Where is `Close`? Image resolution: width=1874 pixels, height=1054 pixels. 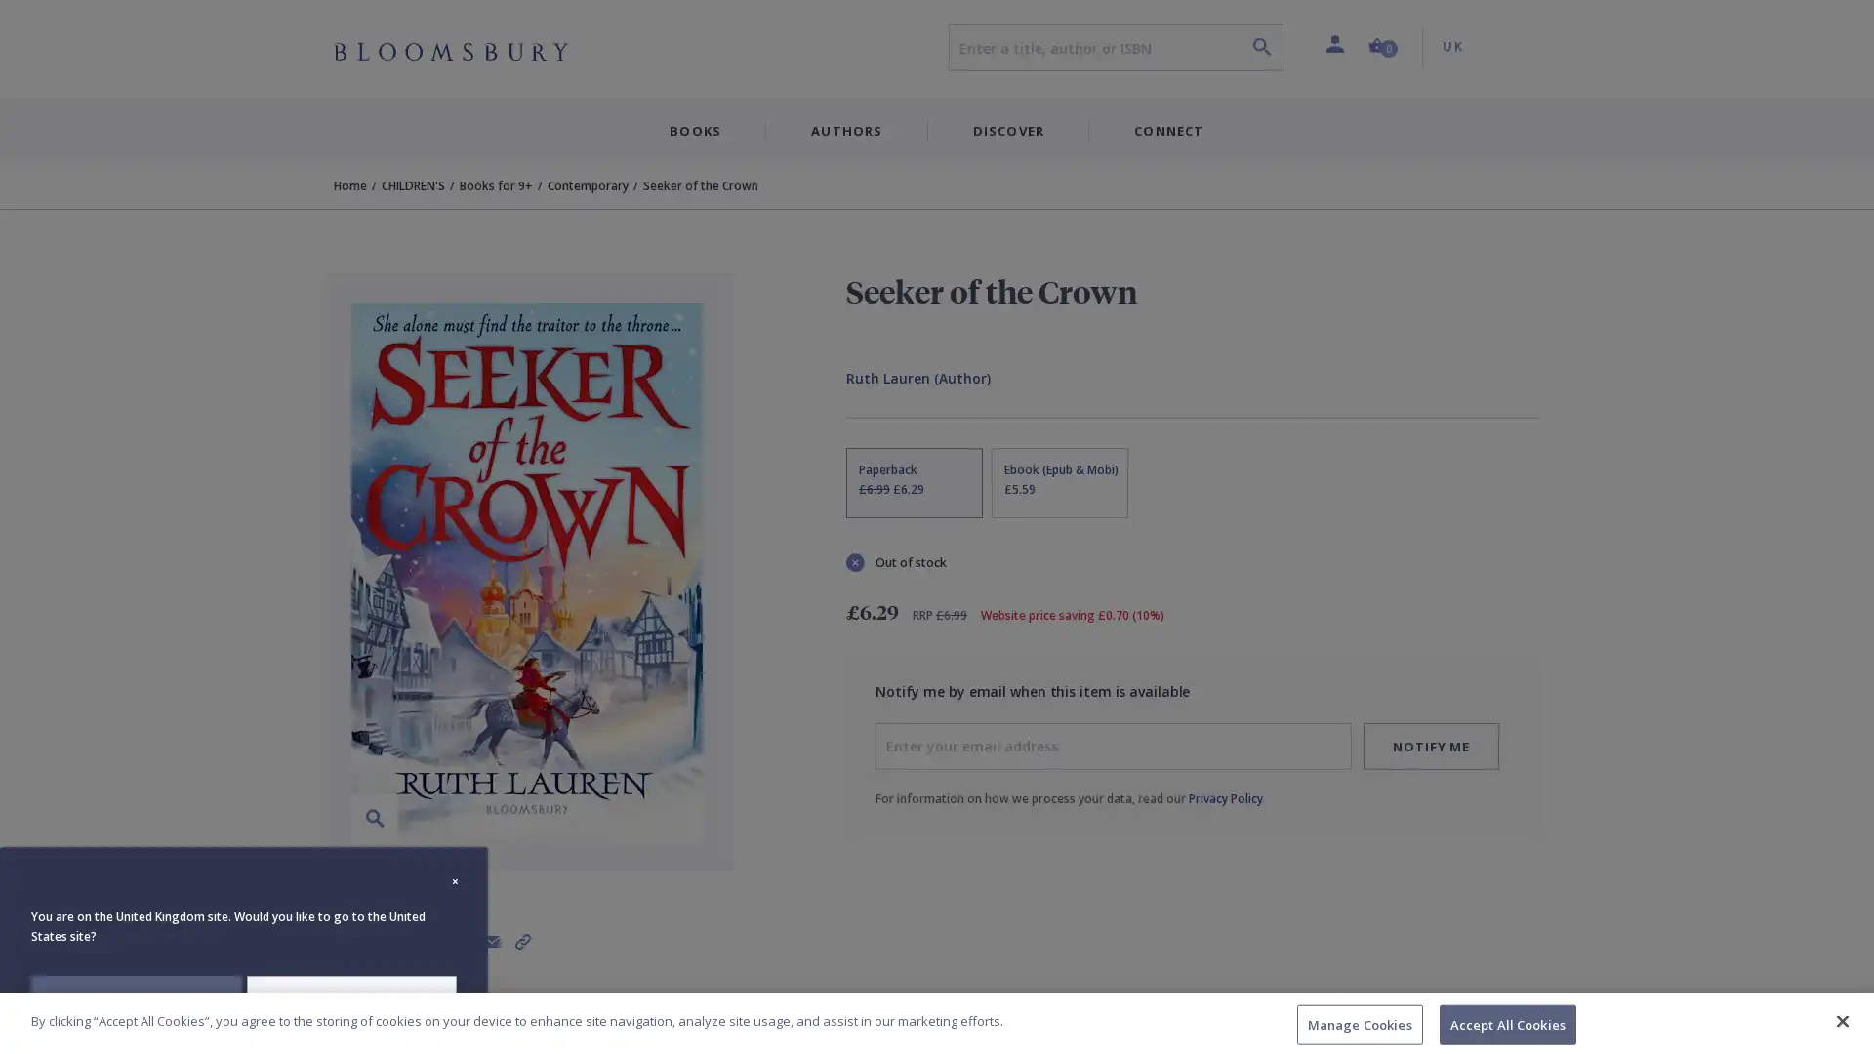
Close is located at coordinates (1841, 1019).